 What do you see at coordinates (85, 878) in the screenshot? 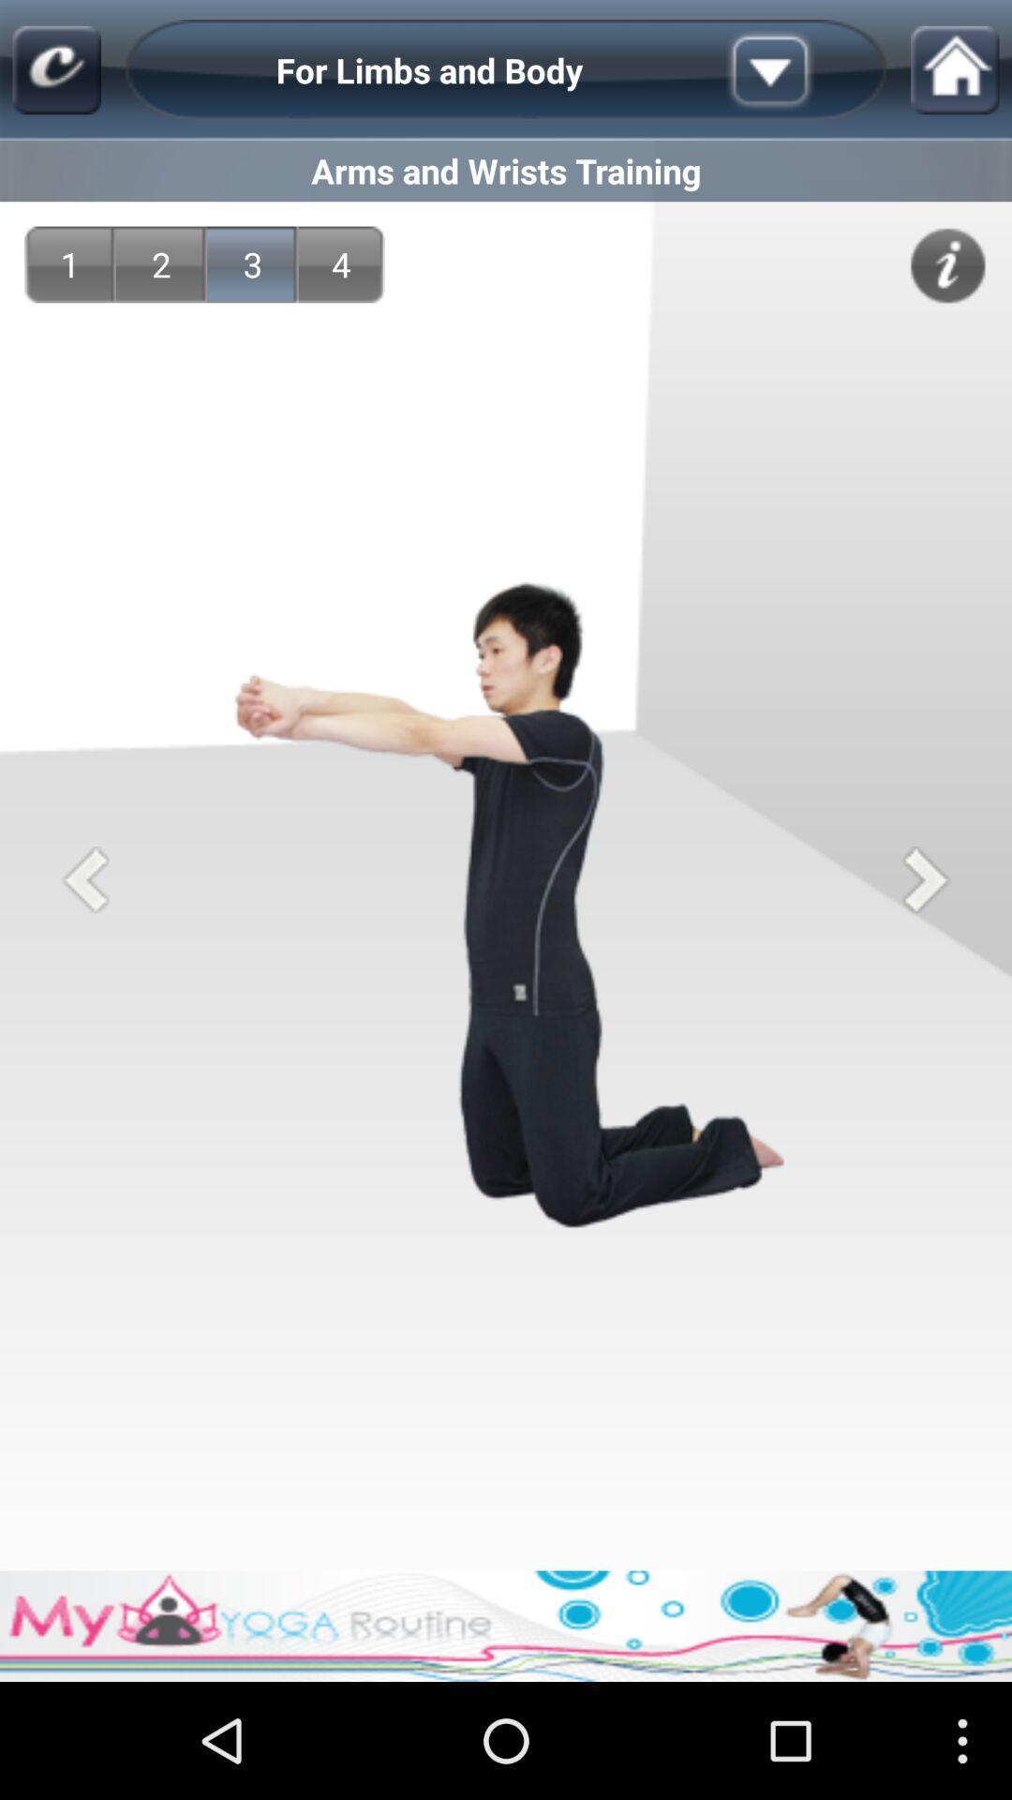
I see `item on the left` at bounding box center [85, 878].